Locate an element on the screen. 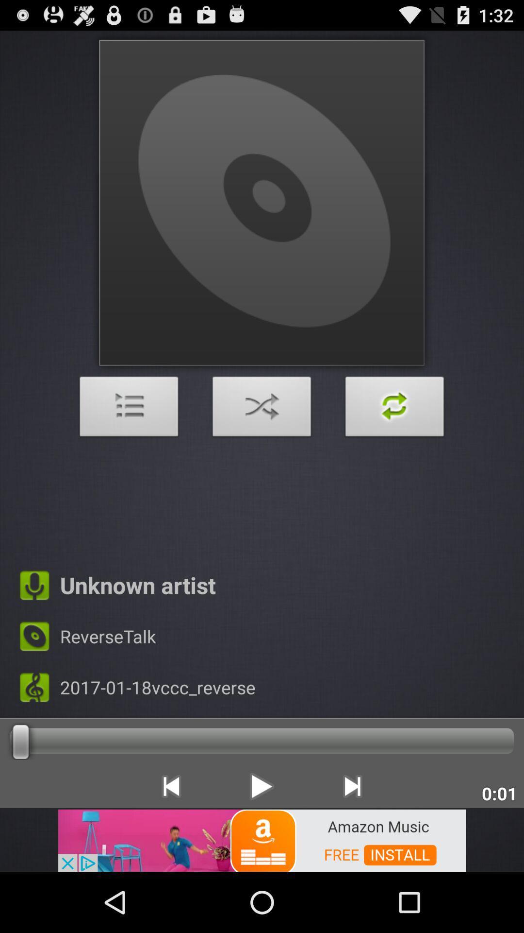 This screenshot has height=933, width=524. this is an advertisement is located at coordinates (262, 839).